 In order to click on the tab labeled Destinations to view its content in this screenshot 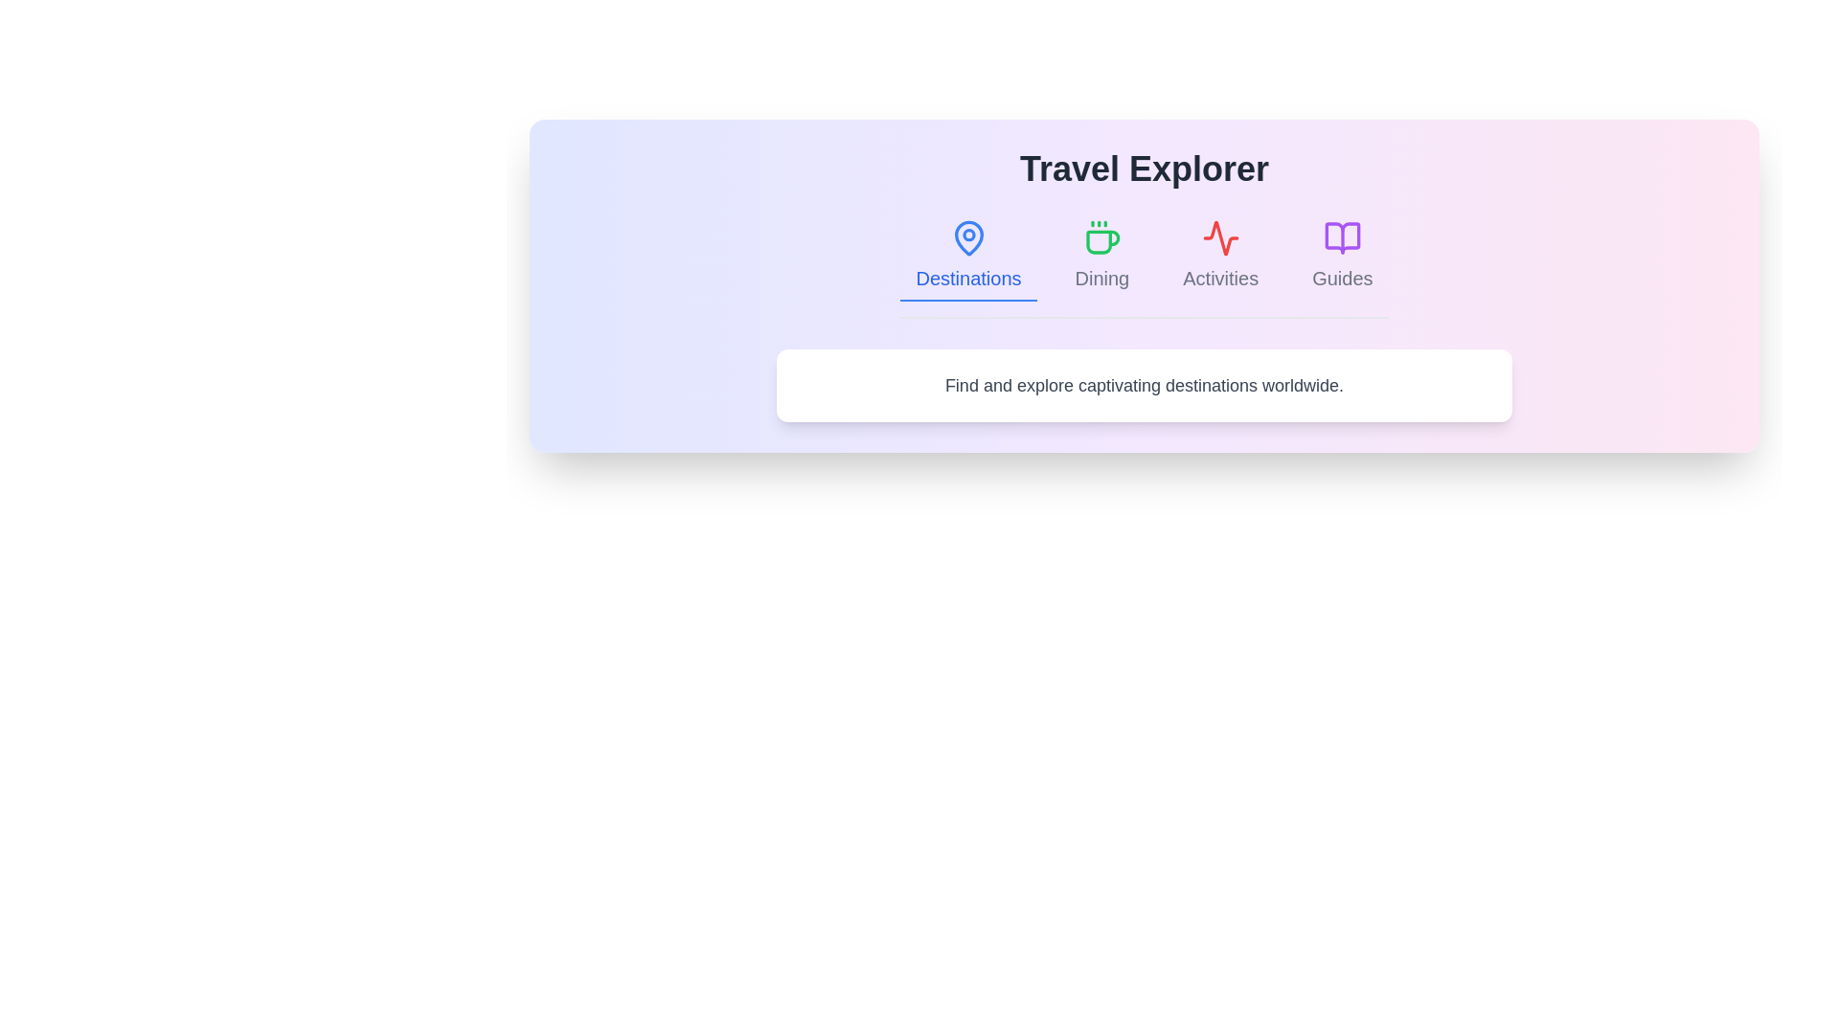, I will do `click(968, 255)`.